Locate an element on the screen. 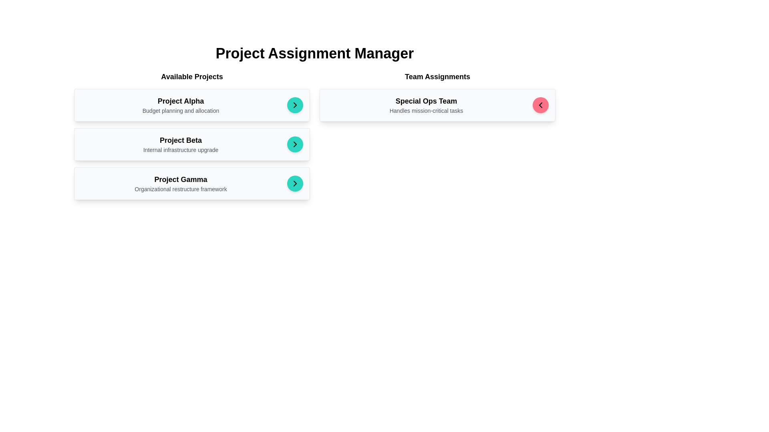 This screenshot has height=432, width=769. the Text Label that provides a descriptive subtitle for the project titled 'Project Gamma', located beneath the title of the same project in a vertically aligned list of available projects is located at coordinates (180, 189).